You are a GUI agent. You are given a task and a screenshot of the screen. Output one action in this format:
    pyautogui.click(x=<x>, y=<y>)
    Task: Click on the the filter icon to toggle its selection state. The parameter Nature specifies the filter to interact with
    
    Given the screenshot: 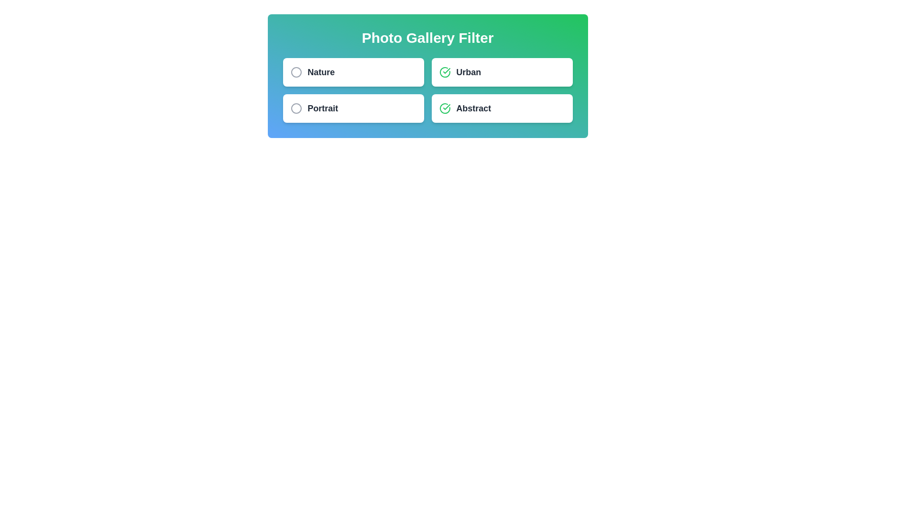 What is the action you would take?
    pyautogui.click(x=295, y=71)
    